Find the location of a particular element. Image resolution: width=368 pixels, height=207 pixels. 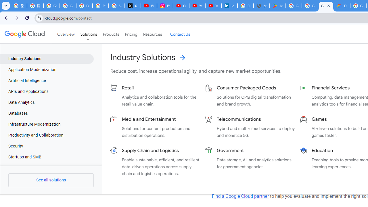

'Data Analytics' is located at coordinates (47, 102).